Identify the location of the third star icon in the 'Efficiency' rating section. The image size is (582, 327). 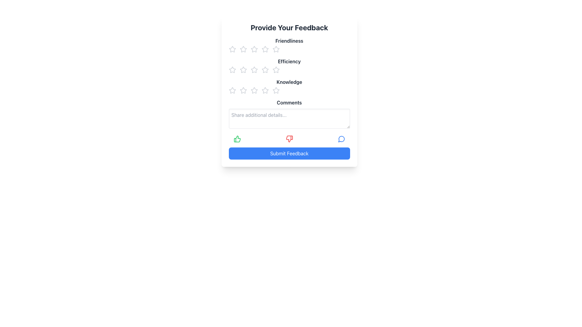
(276, 69).